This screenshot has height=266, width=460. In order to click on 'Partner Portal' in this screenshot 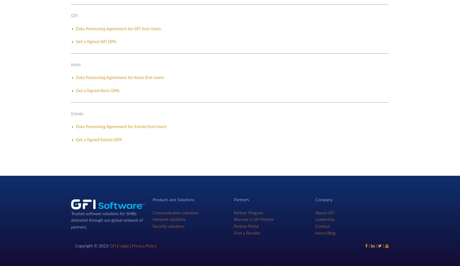, I will do `click(246, 226)`.